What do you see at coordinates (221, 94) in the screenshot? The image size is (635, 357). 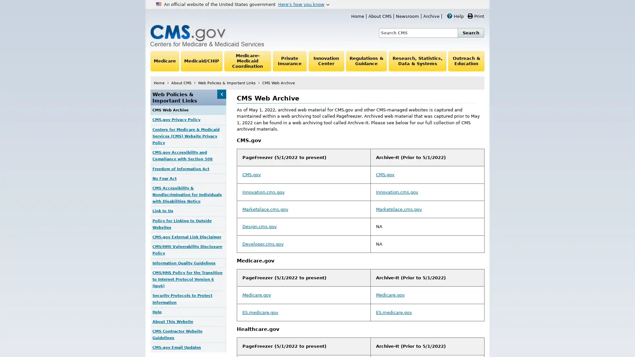 I see `Web Policies & Important Links` at bounding box center [221, 94].